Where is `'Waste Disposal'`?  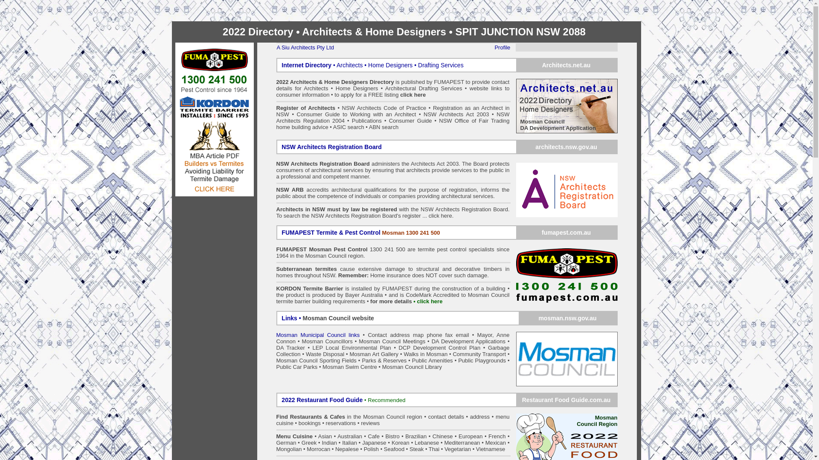
'Waste Disposal' is located at coordinates (325, 354).